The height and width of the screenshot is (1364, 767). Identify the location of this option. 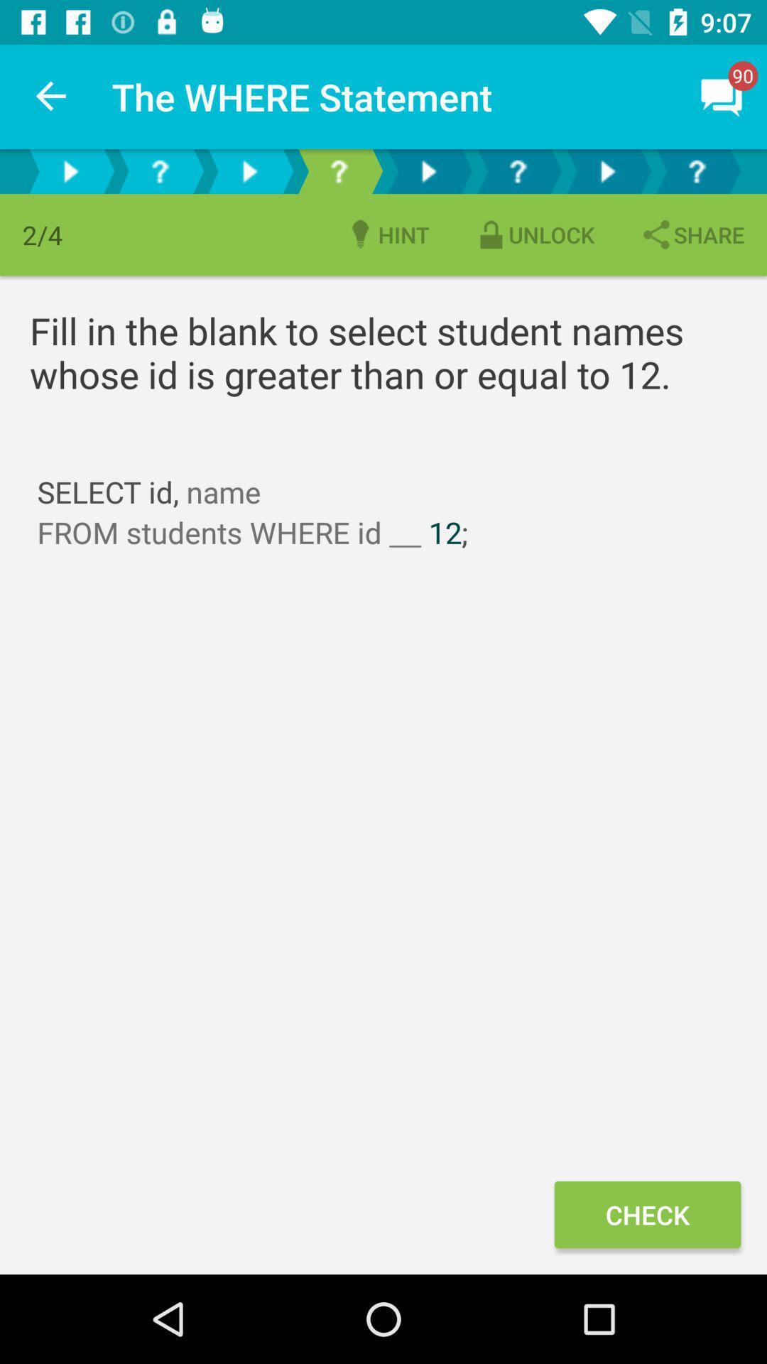
(518, 170).